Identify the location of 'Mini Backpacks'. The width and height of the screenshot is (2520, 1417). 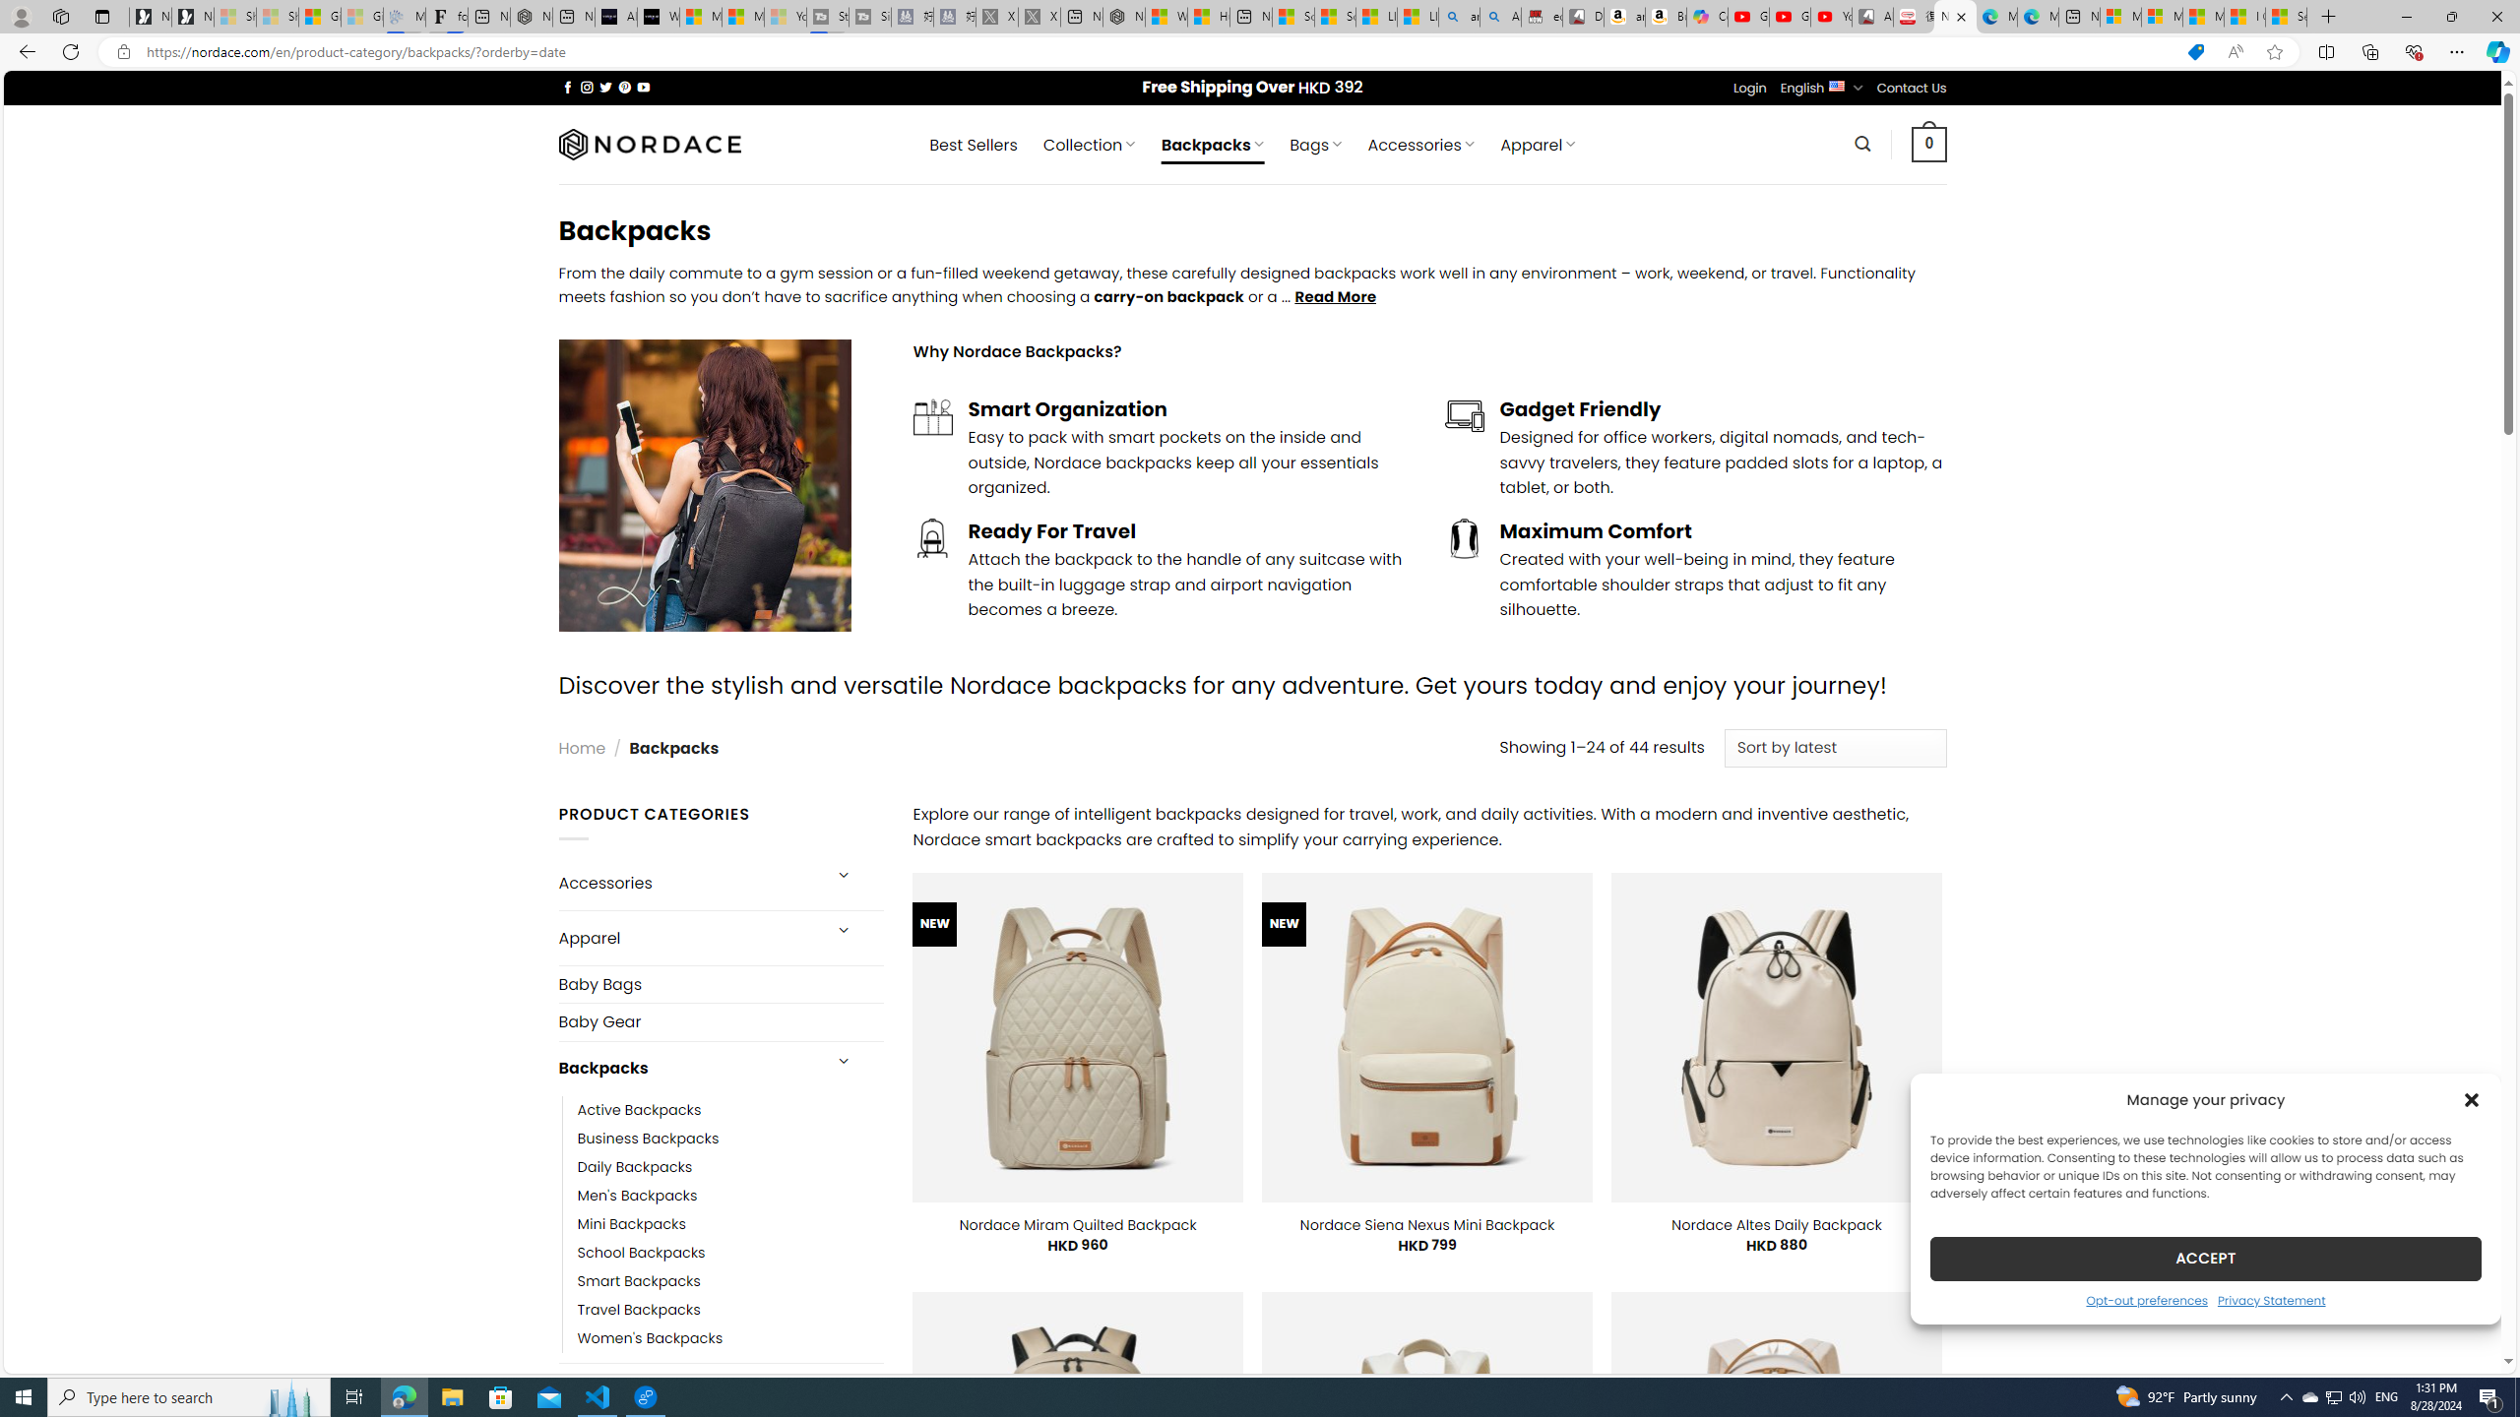
(729, 1222).